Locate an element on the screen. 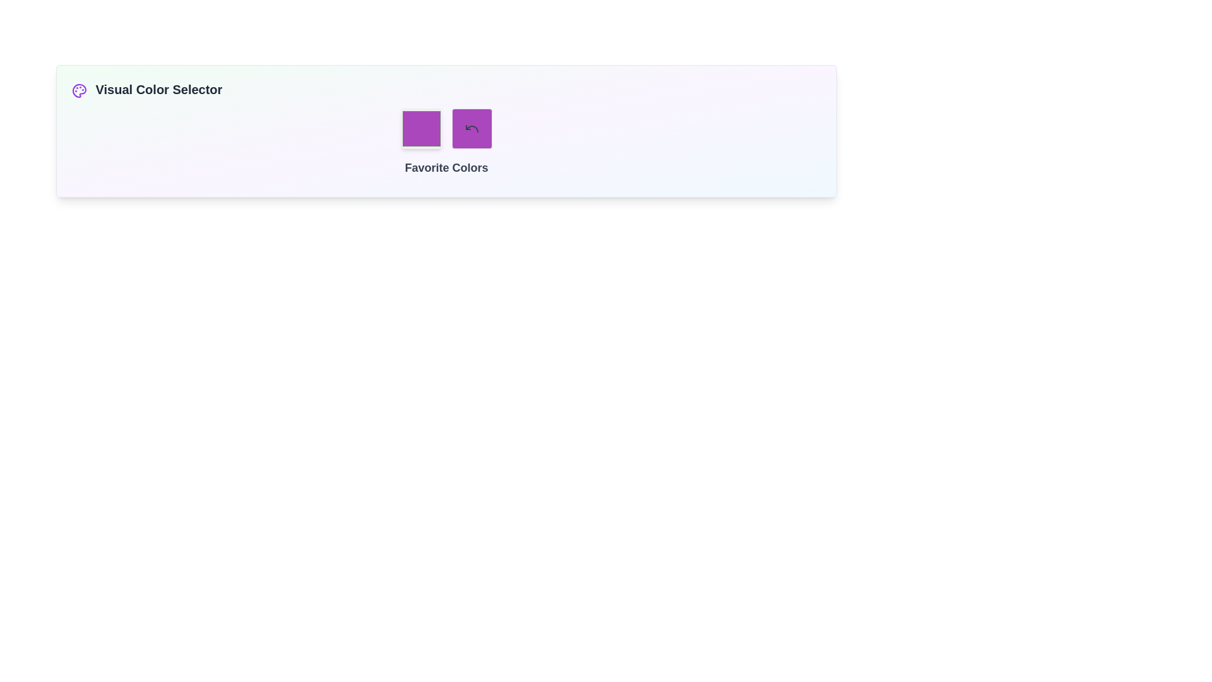 This screenshot has width=1212, height=682. the 'Favorite Colors' text label, which is a bold and large font styled text rendered in gray, located centrally below a grid of purple icons is located at coordinates (446, 167).